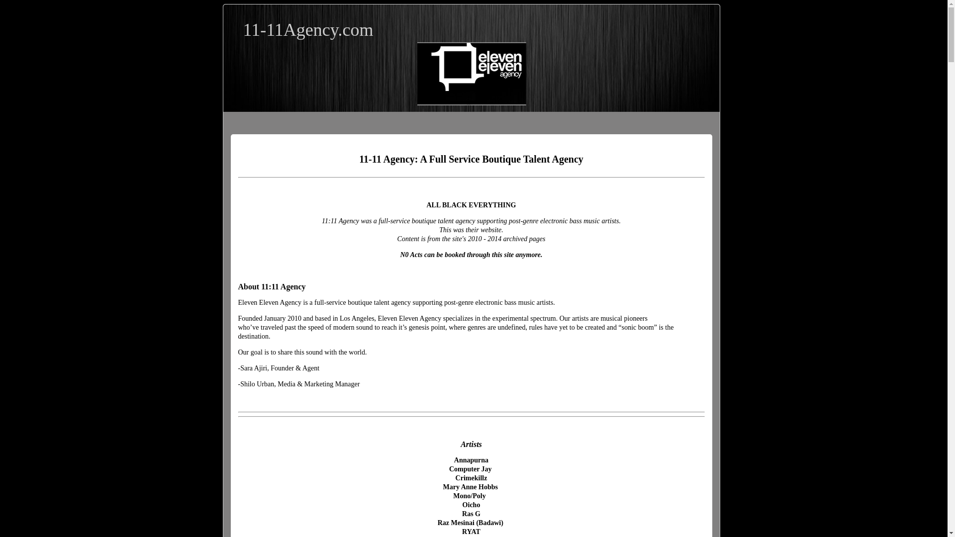  What do you see at coordinates (243, 29) in the screenshot?
I see `'11-11Agency.com'` at bounding box center [243, 29].